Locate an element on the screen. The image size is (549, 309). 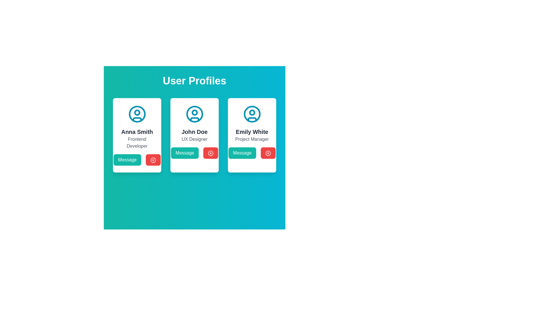
the 'Message' button with a teal background and white text located below the user's name in the user profile card to initiate a message interaction is located at coordinates (127, 160).